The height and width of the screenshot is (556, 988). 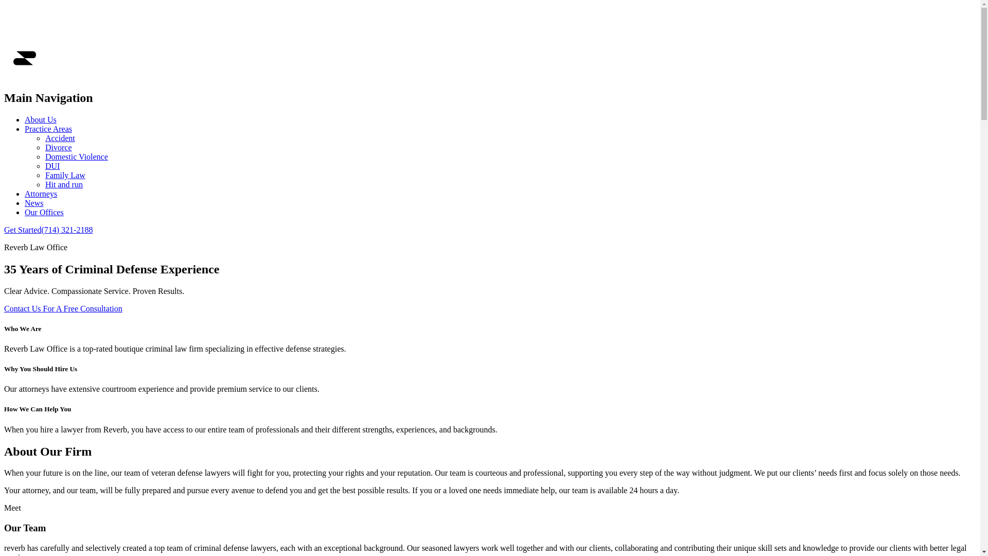 I want to click on 'News', so click(x=34, y=203).